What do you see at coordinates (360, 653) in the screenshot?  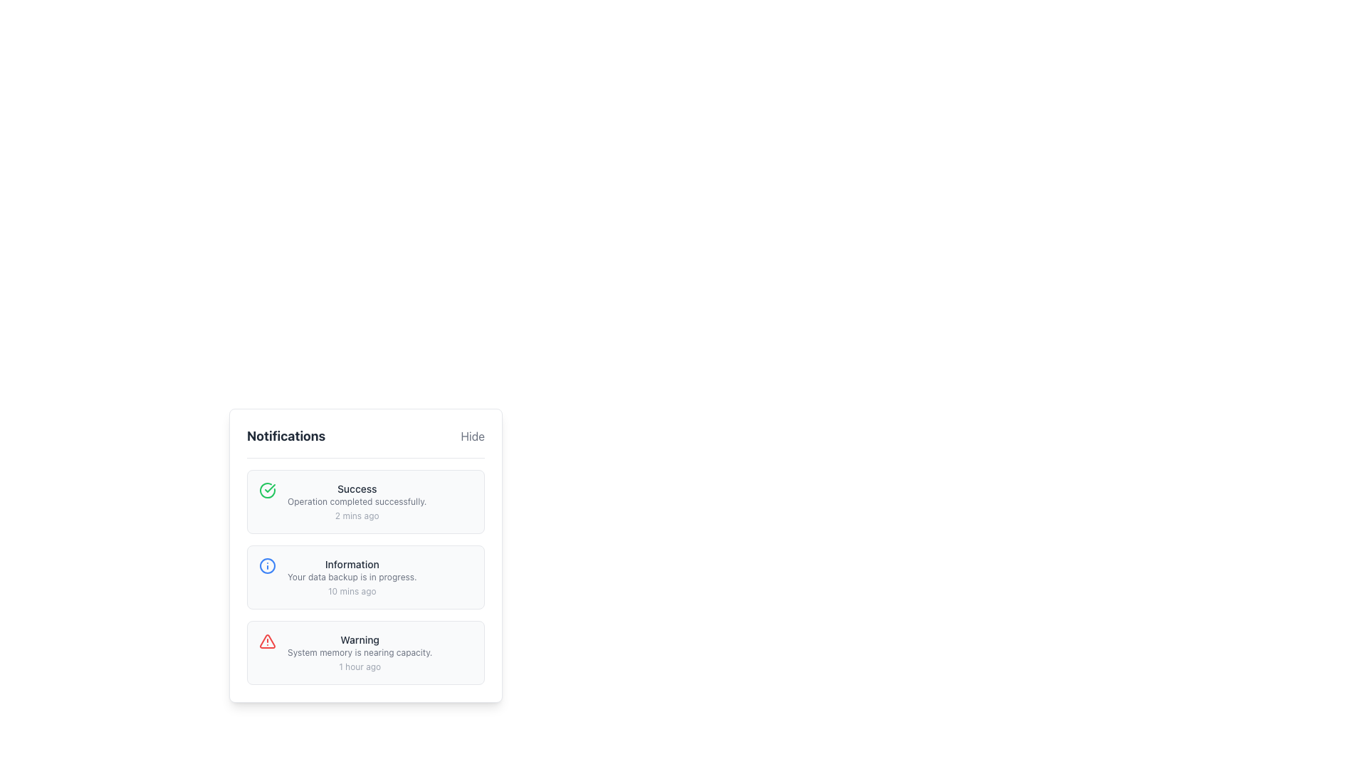 I see `text from the Text Label that says 'System memory is nearing capacity.' located in the warning section of the notification card` at bounding box center [360, 653].